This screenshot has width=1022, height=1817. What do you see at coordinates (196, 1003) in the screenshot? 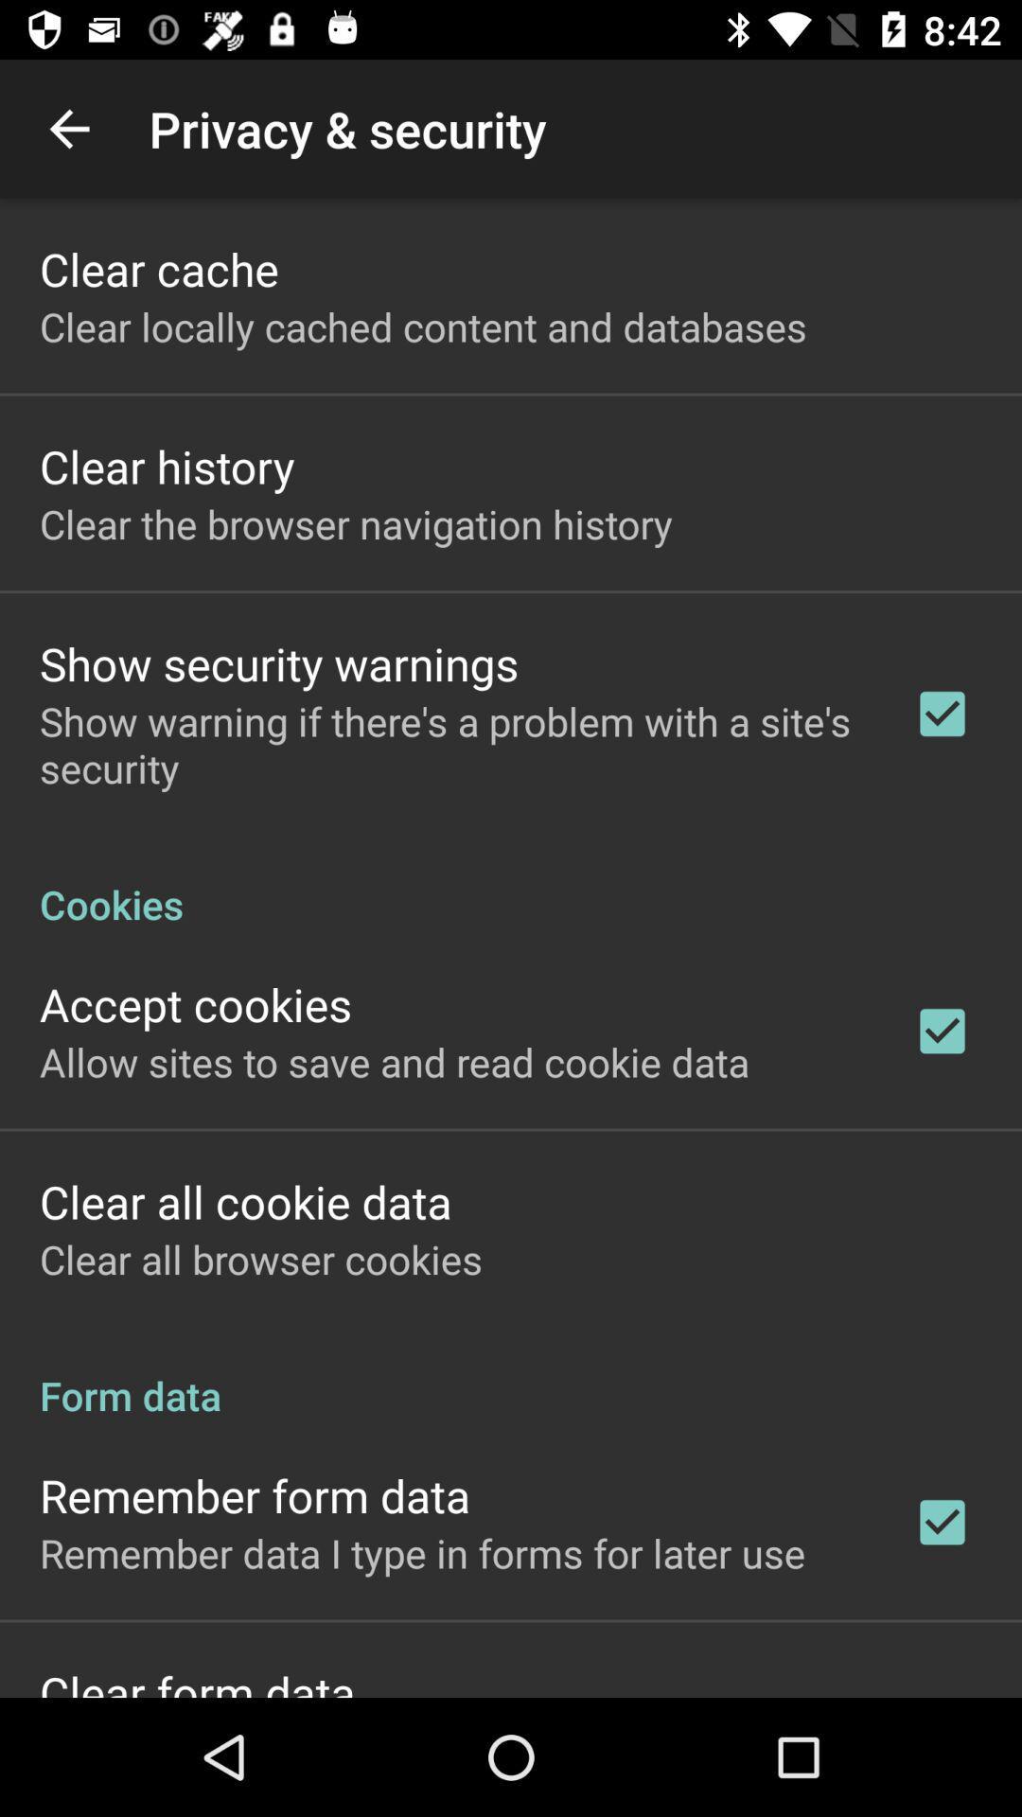
I see `the icon above the allow sites to item` at bounding box center [196, 1003].